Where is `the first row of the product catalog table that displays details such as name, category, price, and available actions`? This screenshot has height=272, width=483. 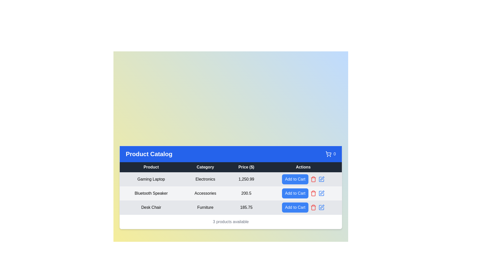
the first row of the product catalog table that displays details such as name, category, price, and available actions is located at coordinates (230, 179).